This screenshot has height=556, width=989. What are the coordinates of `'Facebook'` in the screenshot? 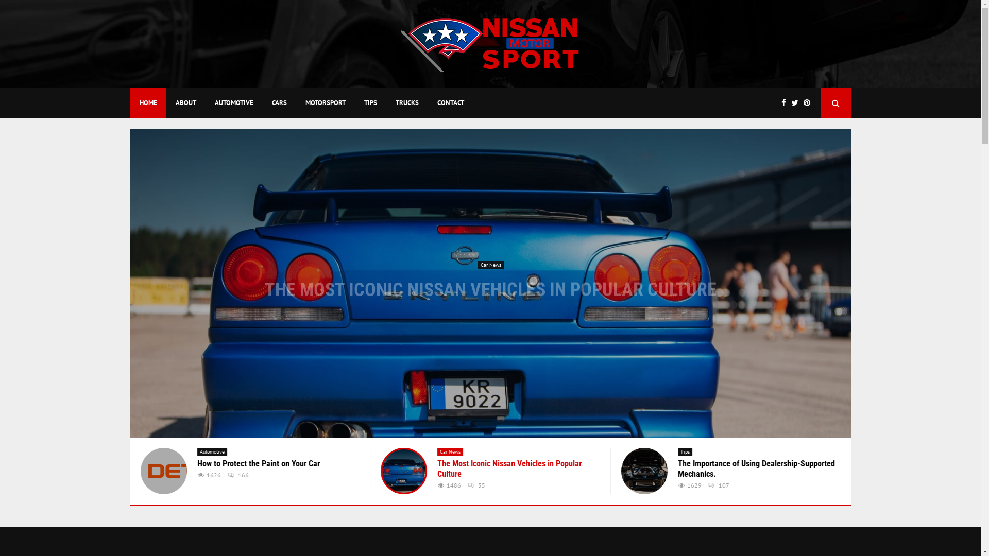 It's located at (785, 103).